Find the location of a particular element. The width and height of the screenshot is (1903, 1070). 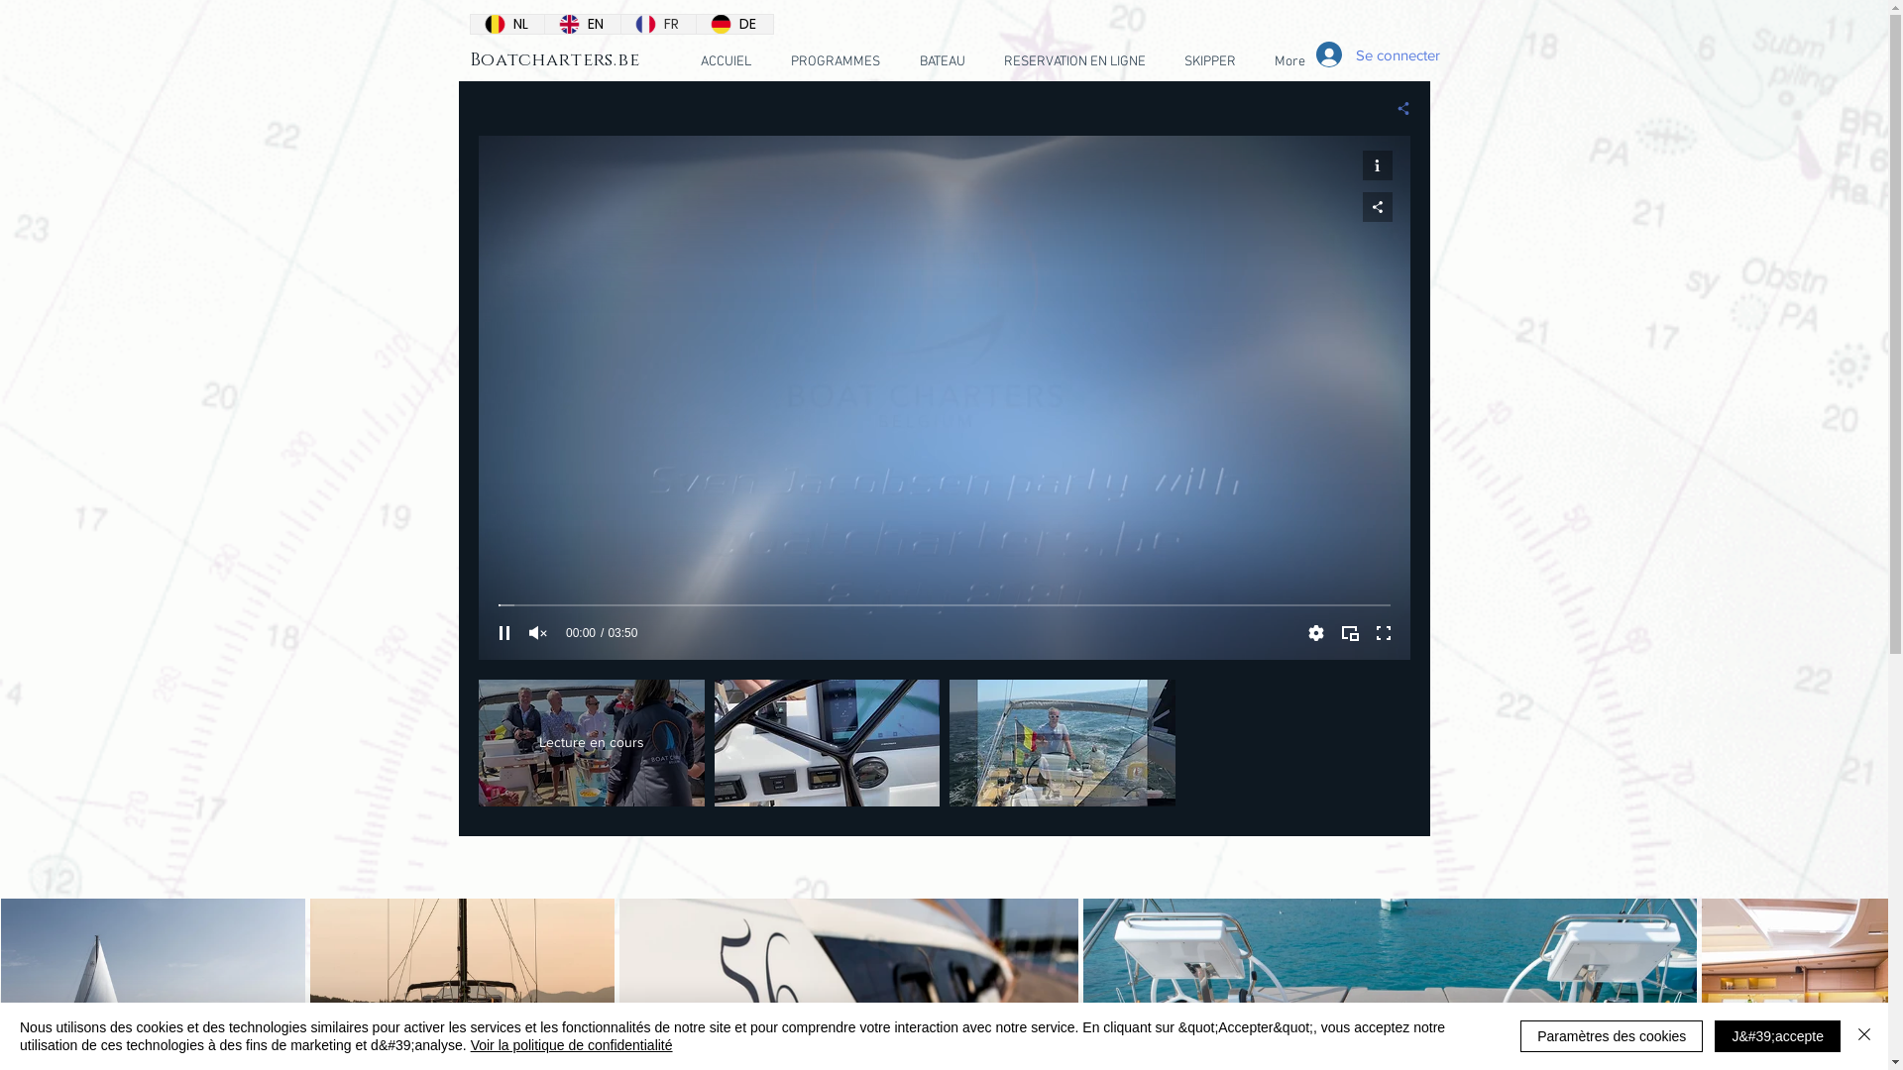

'FR' is located at coordinates (657, 24).